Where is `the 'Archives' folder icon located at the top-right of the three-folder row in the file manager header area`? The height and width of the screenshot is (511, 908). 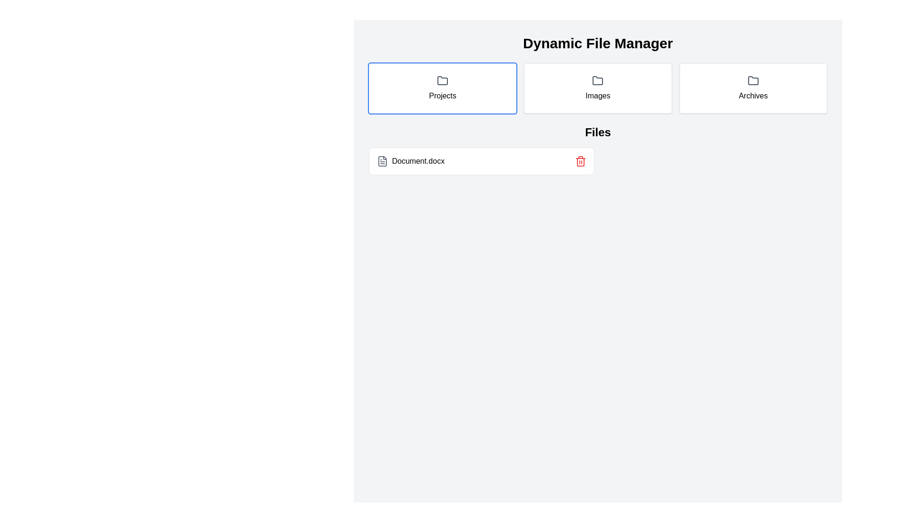
the 'Archives' folder icon located at the top-right of the three-folder row in the file manager header area is located at coordinates (752, 80).